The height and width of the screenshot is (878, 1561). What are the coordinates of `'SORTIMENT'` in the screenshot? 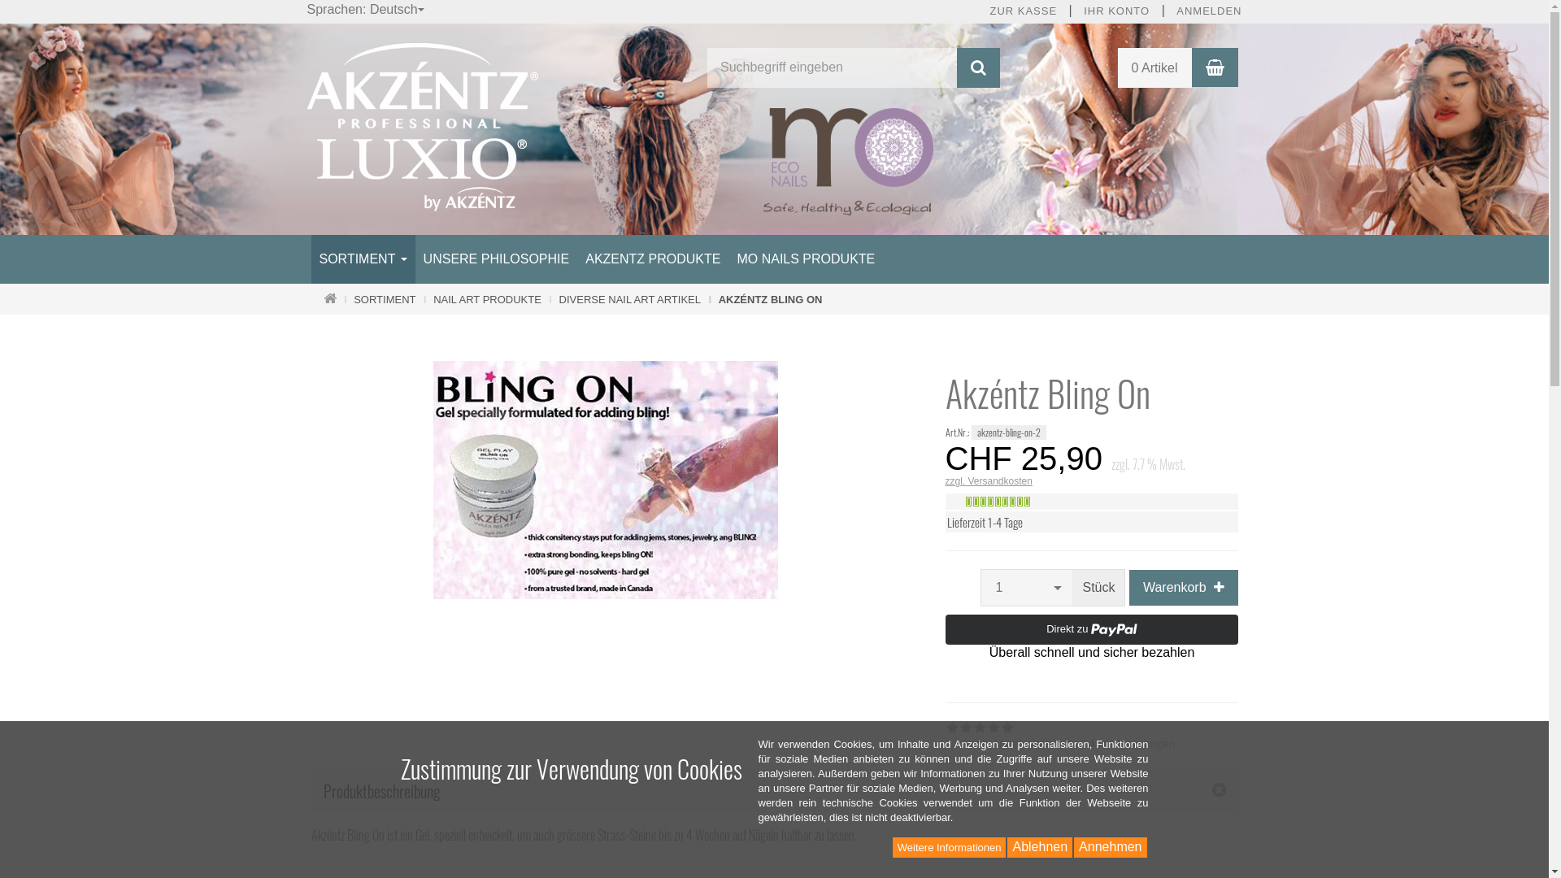 It's located at (353, 299).